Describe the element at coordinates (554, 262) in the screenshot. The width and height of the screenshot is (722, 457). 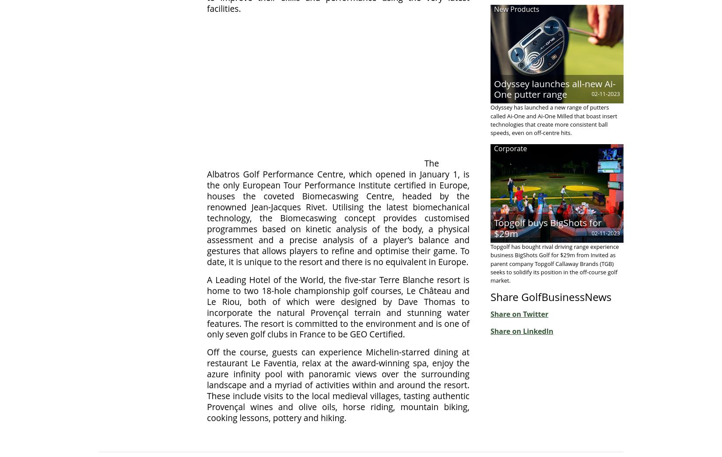
I see `'Topgolf has bought rival driving range experience business BigShots Golf for $29m from Invited as parent company Topgolf Callaway Brands (TGB) seeks to solidify its position in the off-course golf market.'` at that location.